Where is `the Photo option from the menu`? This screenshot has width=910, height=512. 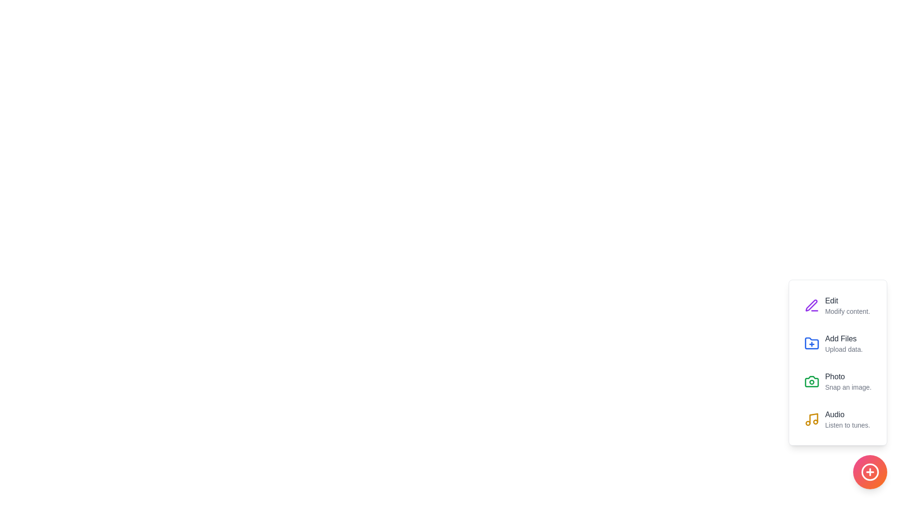 the Photo option from the menu is located at coordinates (837, 381).